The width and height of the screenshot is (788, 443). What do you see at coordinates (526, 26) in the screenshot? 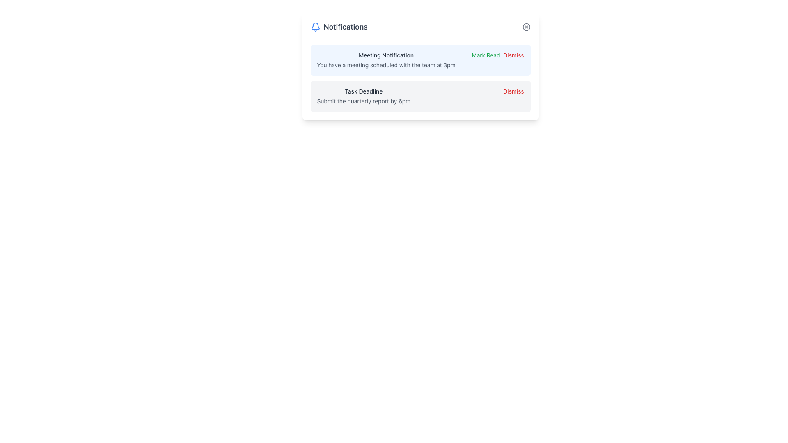
I see `the small circular close button with a cross (X) mark located in the top-right corner of the Notifications header` at bounding box center [526, 26].